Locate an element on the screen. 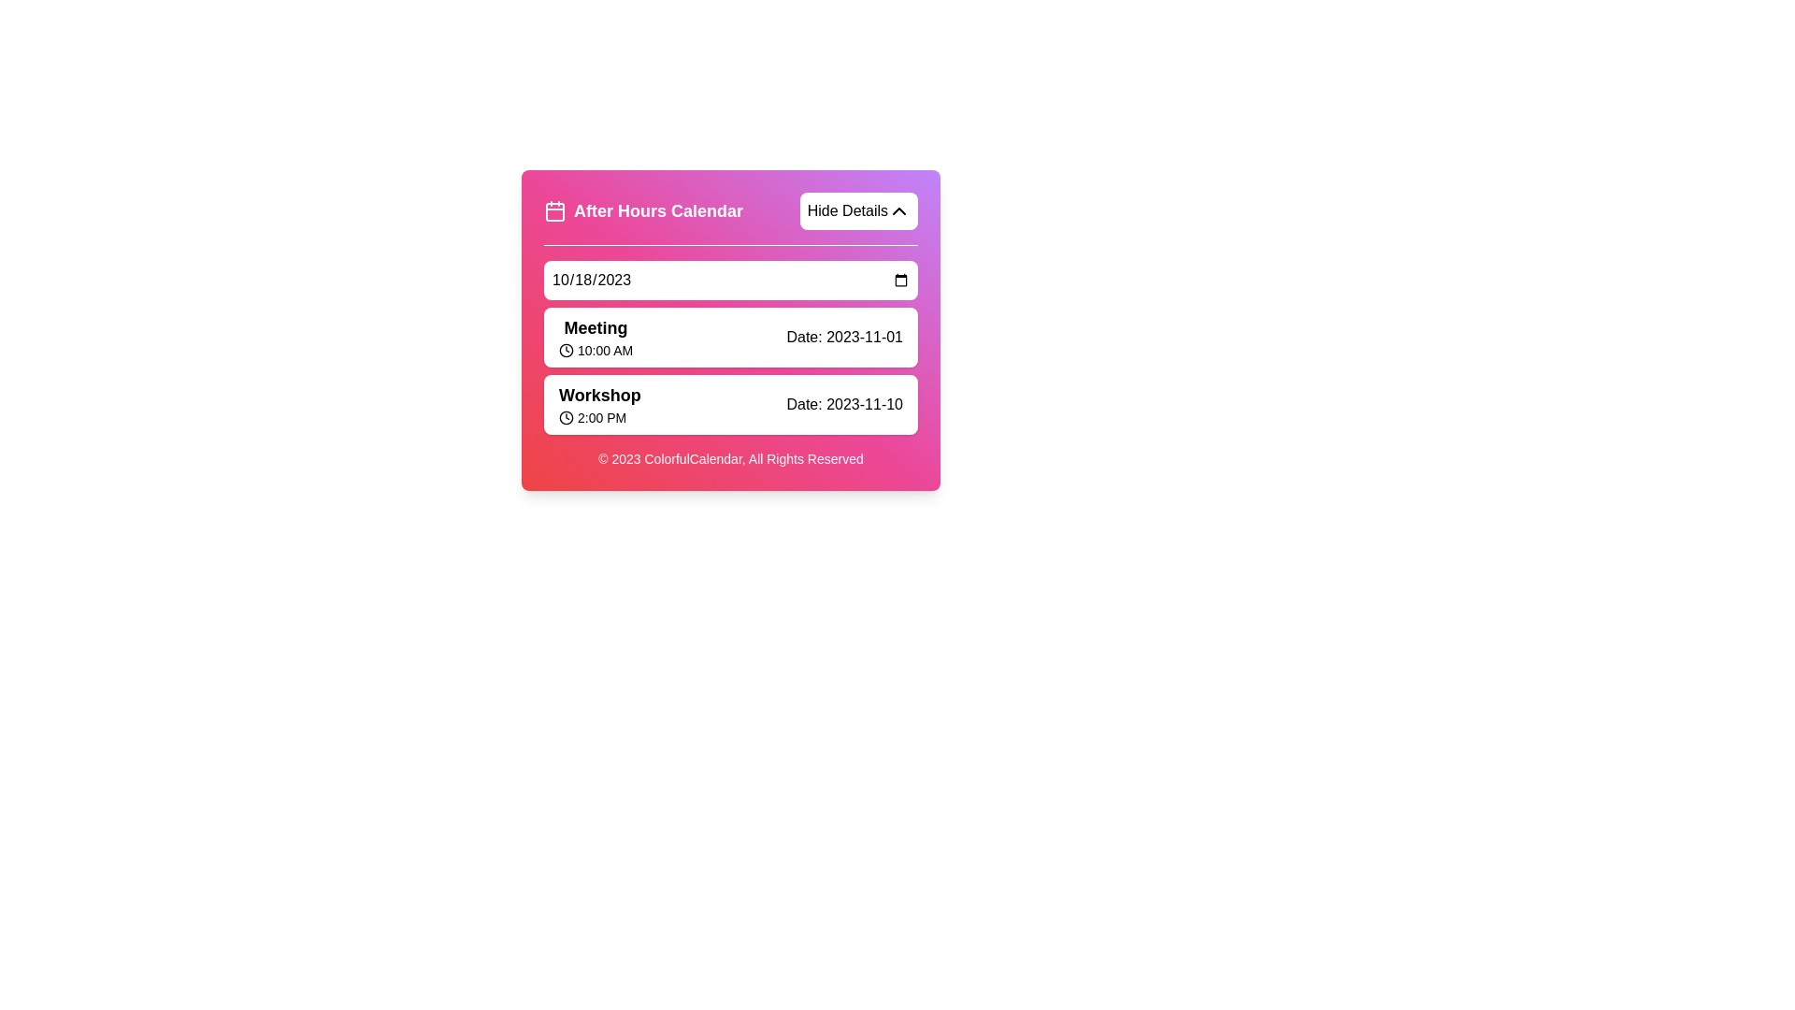 This screenshot has width=1795, height=1010. the small clock icon located to the left of the text '10:00 AM' in the second entry of the list under the heading 'Meeting' is located at coordinates (565, 350).